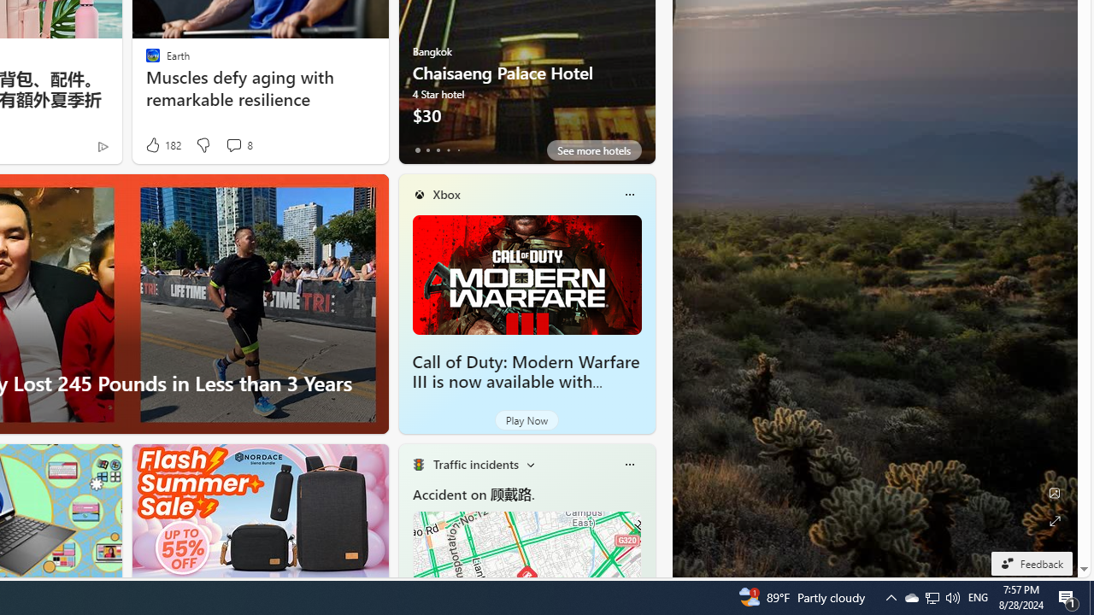 The height and width of the screenshot is (615, 1094). Describe the element at coordinates (418, 464) in the screenshot. I see `'Traffic Title Traffic Light'` at that location.